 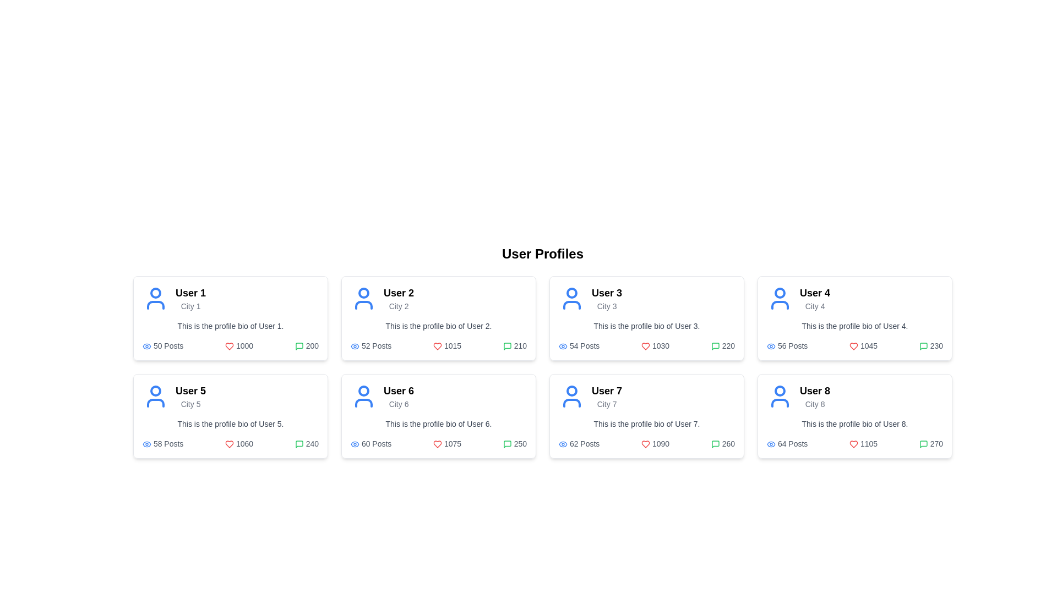 I want to click on text heading displaying 'User Profiles' which is bold and centered at the top of the user panel, so click(x=542, y=254).